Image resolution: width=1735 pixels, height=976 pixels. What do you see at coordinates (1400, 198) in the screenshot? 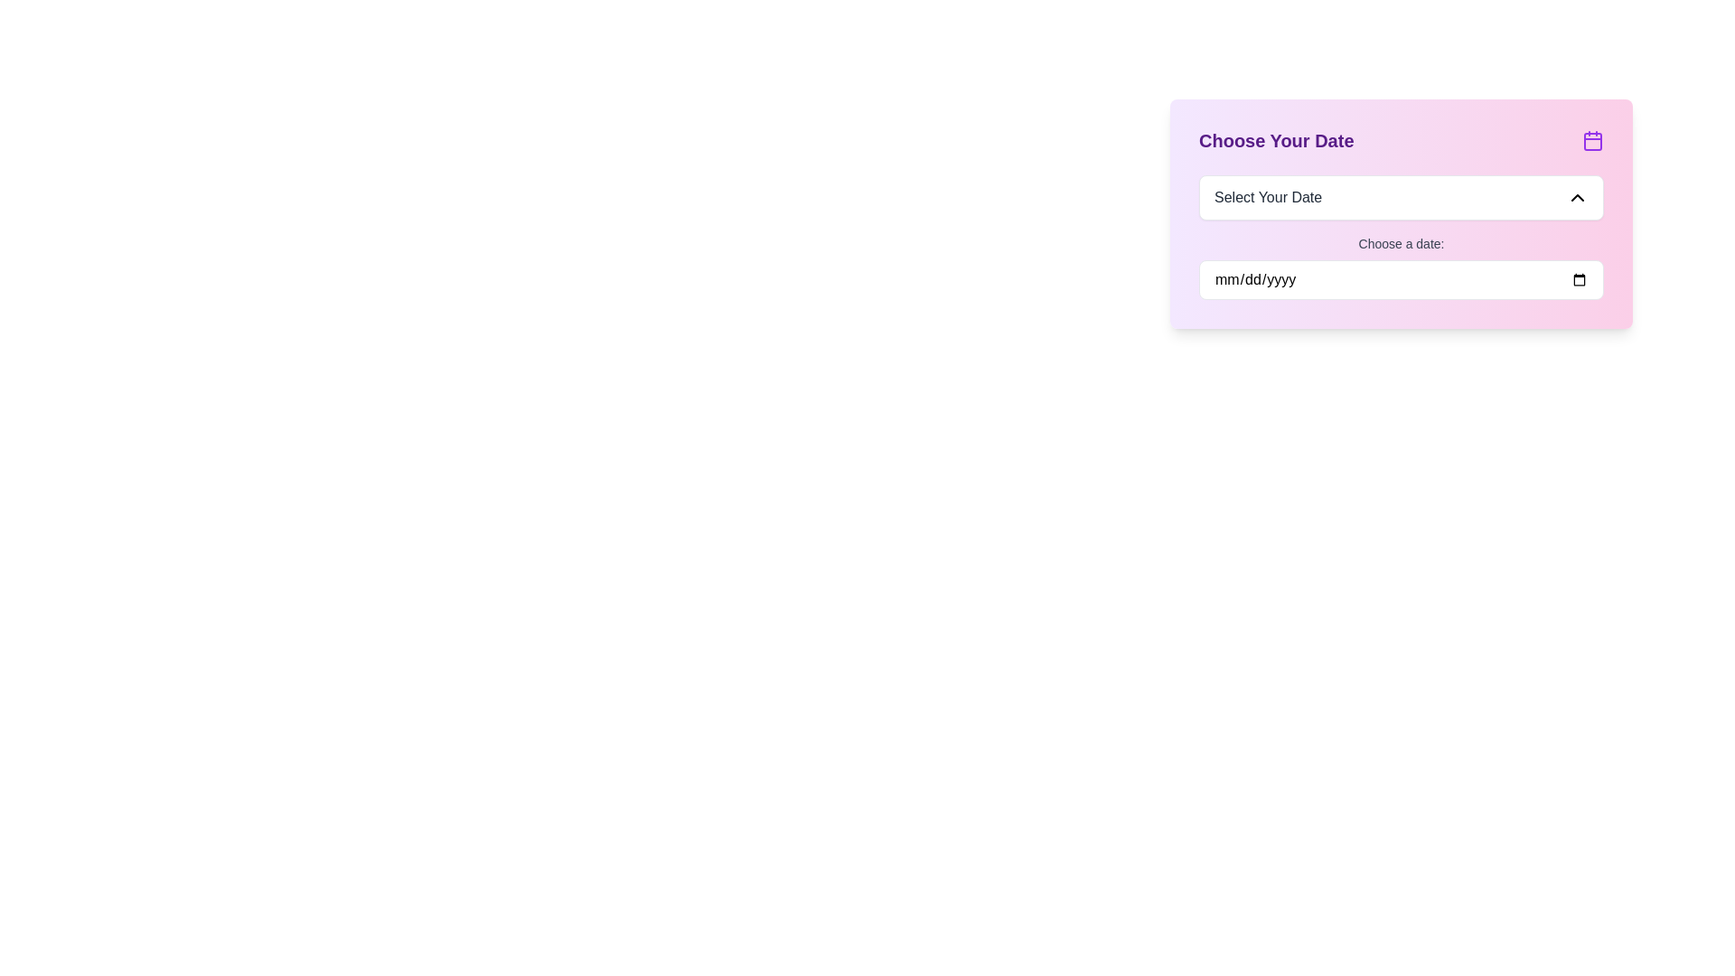
I see `the Dropdown menu labeled 'Select Your Date'` at bounding box center [1400, 198].